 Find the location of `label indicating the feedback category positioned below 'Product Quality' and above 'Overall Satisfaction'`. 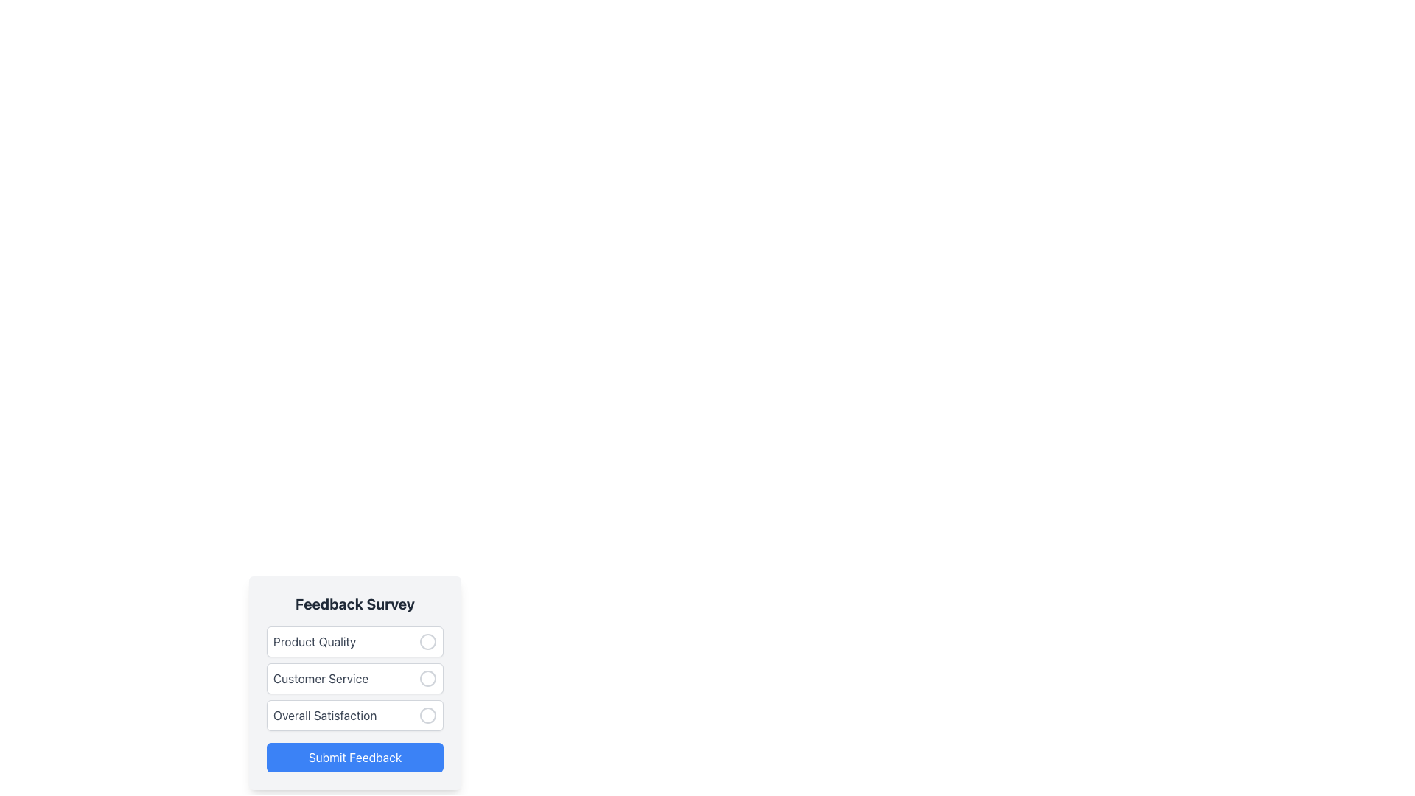

label indicating the feedback category positioned below 'Product Quality' and above 'Overall Satisfaction' is located at coordinates (320, 679).